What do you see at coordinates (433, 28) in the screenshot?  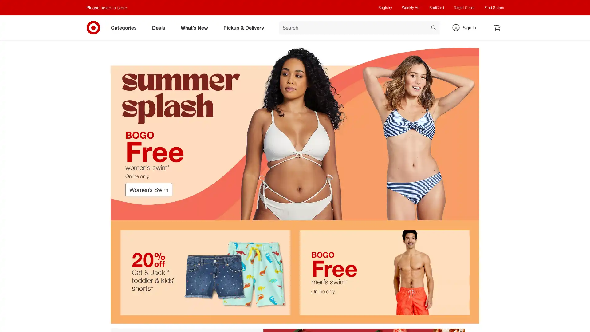 I see `go` at bounding box center [433, 28].